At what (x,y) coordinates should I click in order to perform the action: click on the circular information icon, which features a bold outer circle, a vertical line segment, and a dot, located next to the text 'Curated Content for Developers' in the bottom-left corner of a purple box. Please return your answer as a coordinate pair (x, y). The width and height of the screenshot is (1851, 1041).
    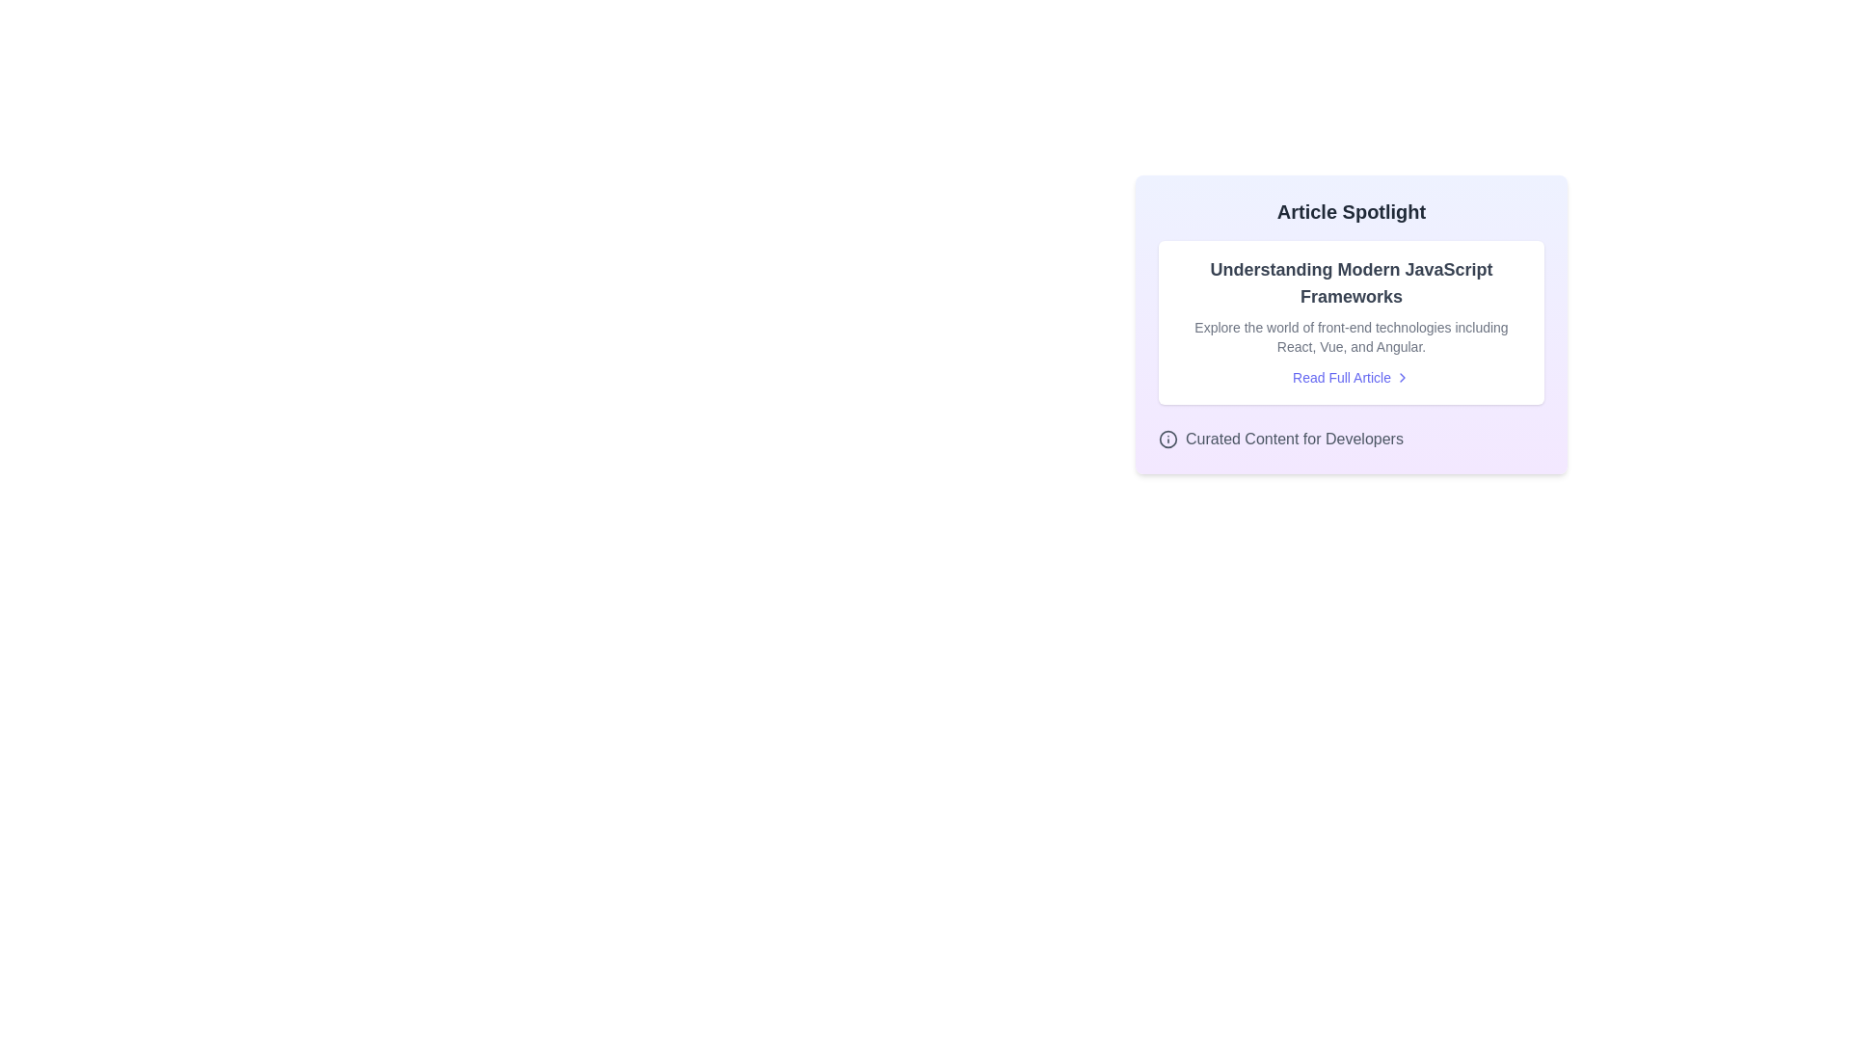
    Looking at the image, I should click on (1167, 439).